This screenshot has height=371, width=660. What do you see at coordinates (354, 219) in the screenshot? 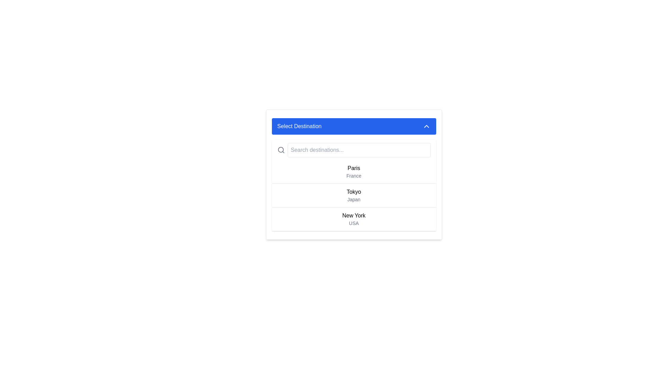
I see `the list item displaying 'New York' in bold text within the dropdown interface` at bounding box center [354, 219].